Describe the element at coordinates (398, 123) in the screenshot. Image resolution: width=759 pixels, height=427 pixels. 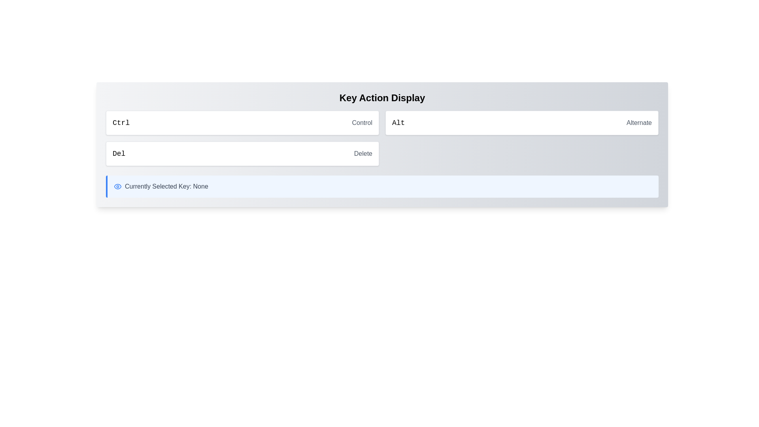
I see `the text label displaying 'Alt' in a monospace font, which is positioned to the left of the 'Alternate' text` at that location.